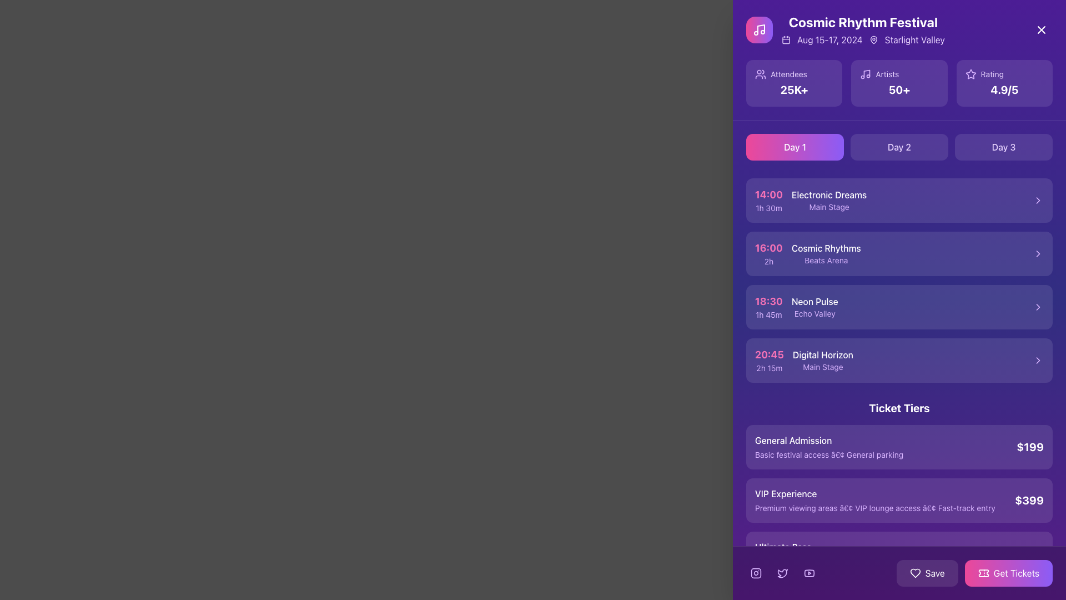  What do you see at coordinates (874, 501) in the screenshot?
I see `the informative ticket description text label for the 'VIP Experience' ticket, located in the 'Ticket Tiers' section, second from the top, to the left of the '$399' price label` at bounding box center [874, 501].